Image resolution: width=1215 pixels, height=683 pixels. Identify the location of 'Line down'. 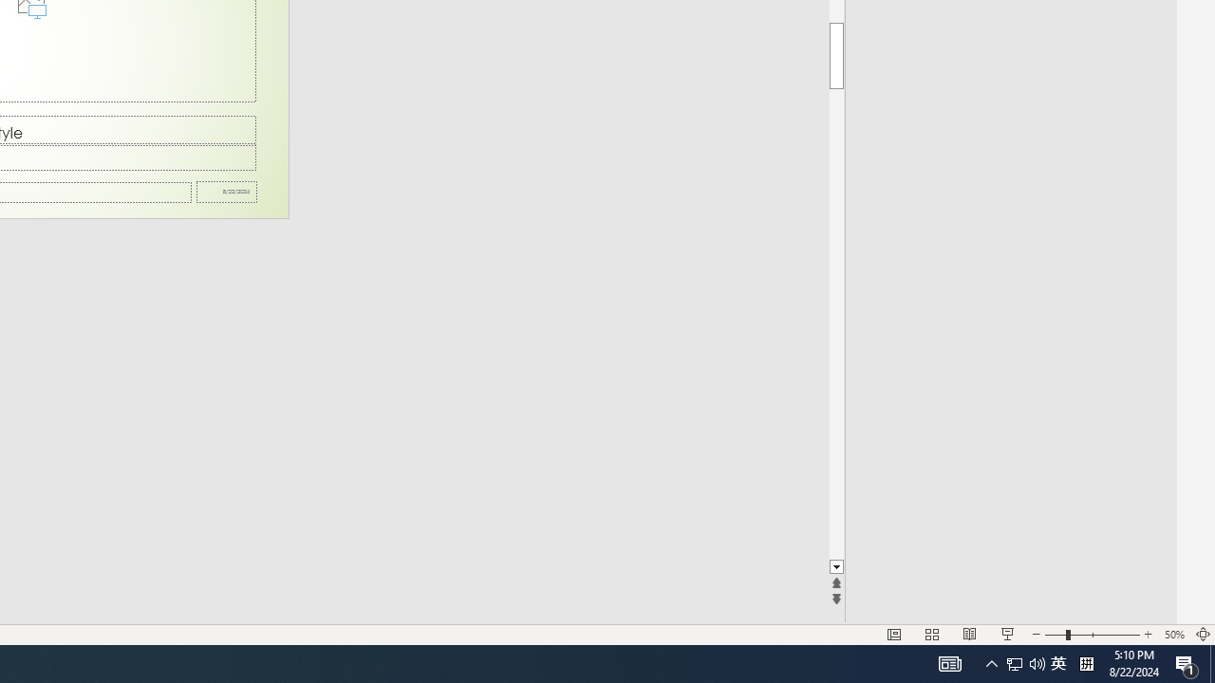
(835, 566).